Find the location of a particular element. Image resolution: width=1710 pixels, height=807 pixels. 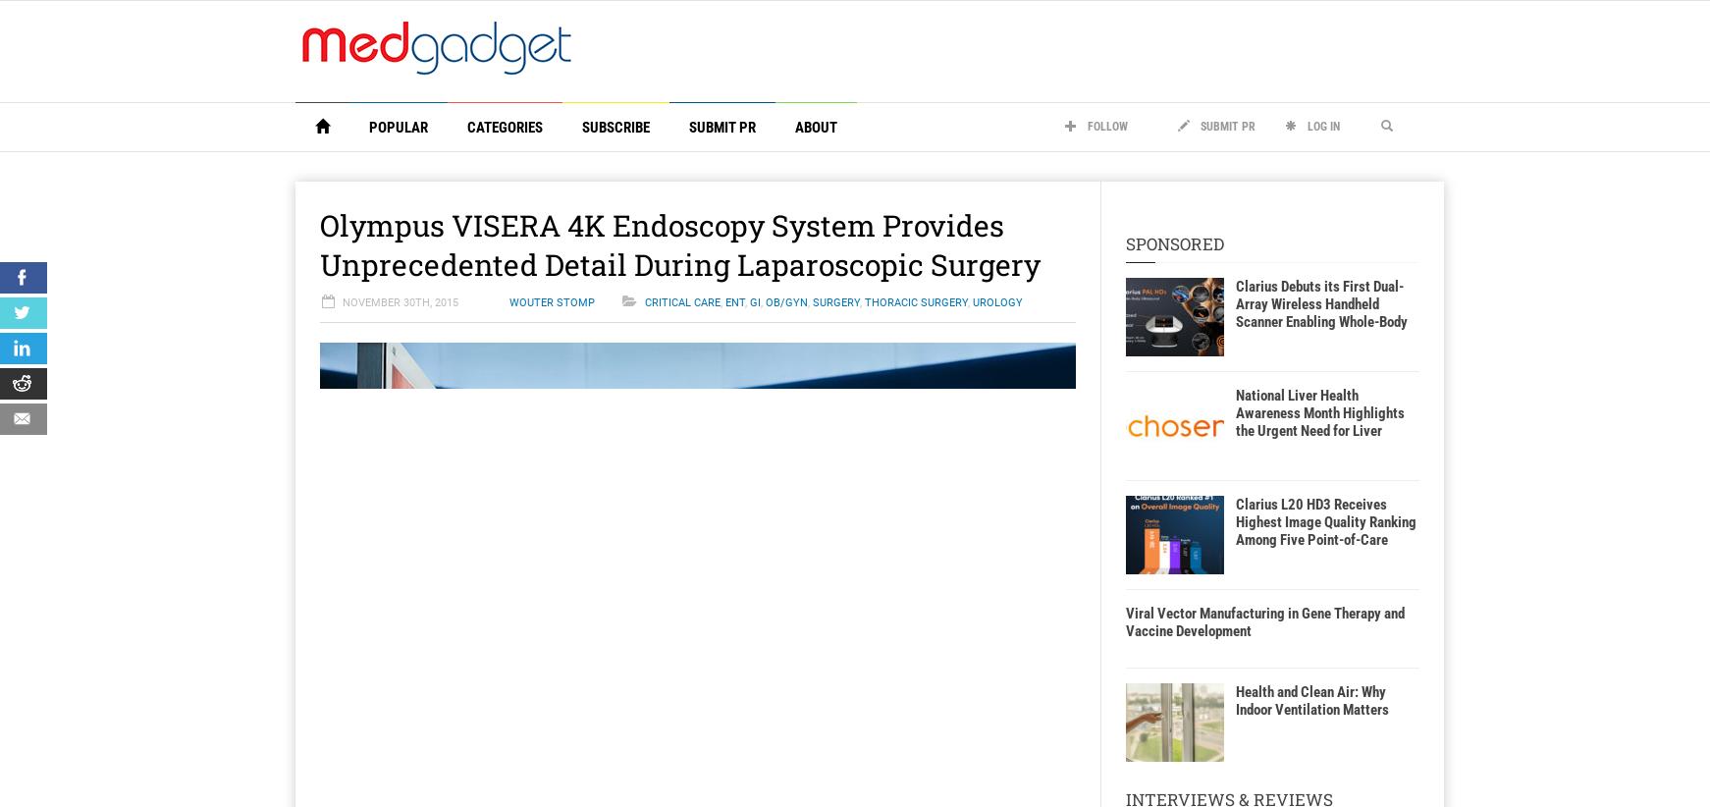

'ENT' is located at coordinates (724, 302).